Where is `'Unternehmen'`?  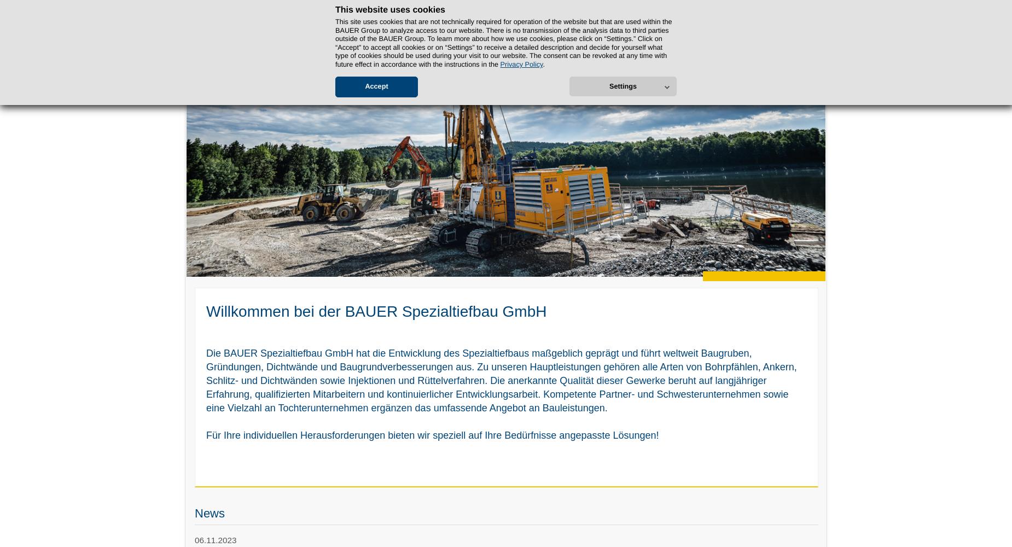
'Unternehmen' is located at coordinates (218, 66).